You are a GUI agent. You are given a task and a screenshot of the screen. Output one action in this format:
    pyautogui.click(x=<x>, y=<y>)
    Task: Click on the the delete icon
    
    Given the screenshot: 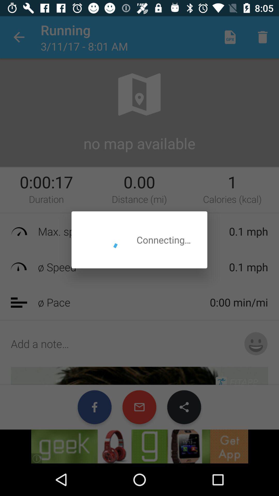 What is the action you would take?
    pyautogui.click(x=263, y=32)
    